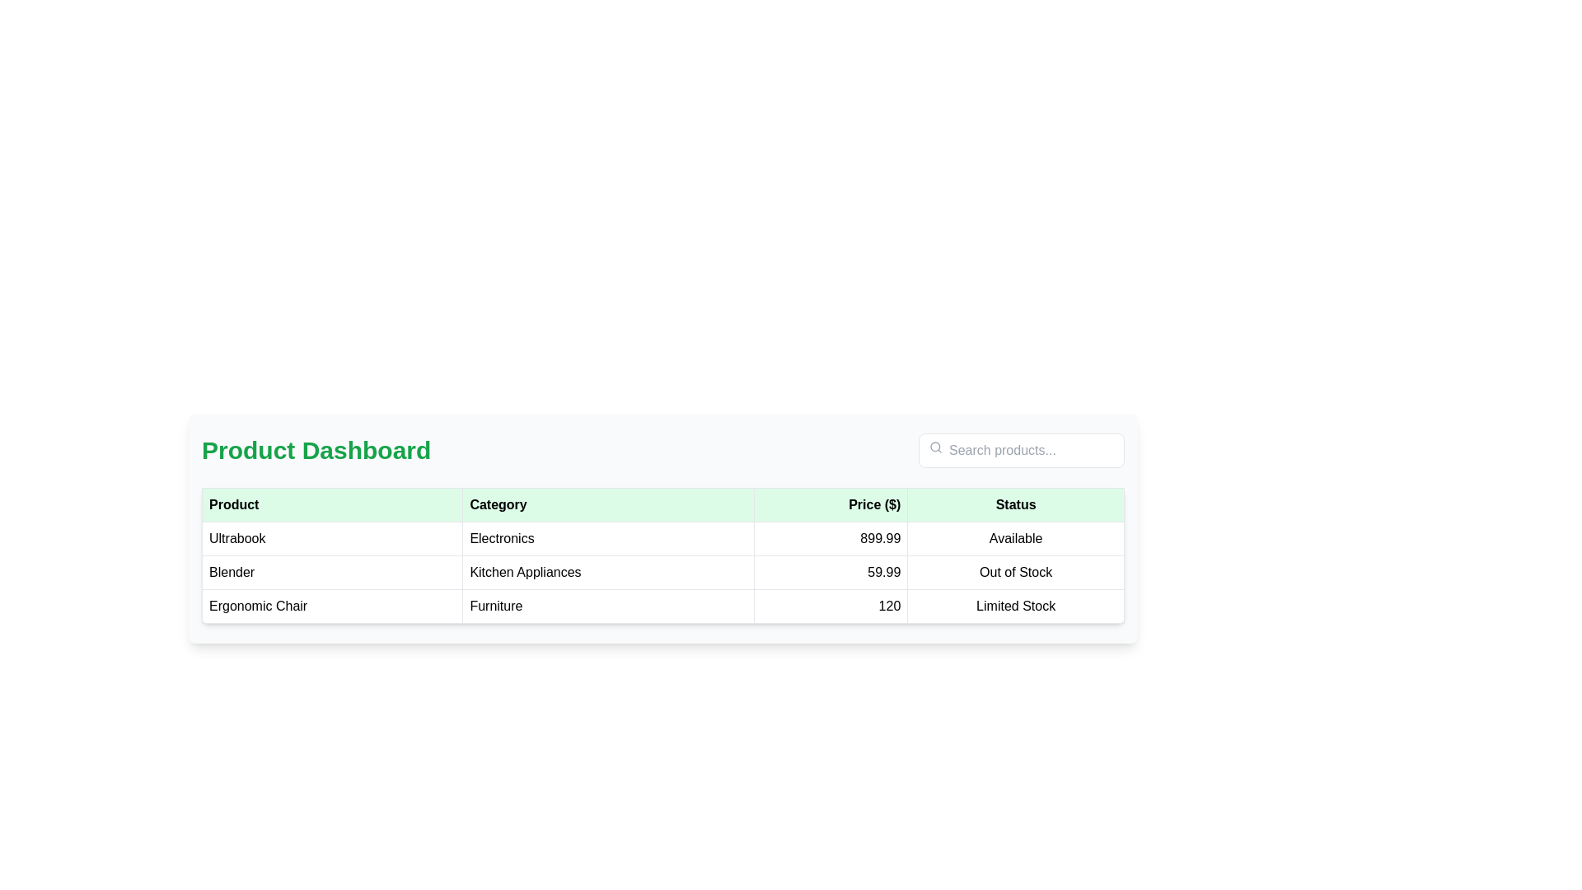 This screenshot has height=890, width=1582. I want to click on the smaller circular outline within the search icon, which is styled in light gray and located at the top-left of the UI, adjacent to the 'Search products...' input field, so click(935, 447).